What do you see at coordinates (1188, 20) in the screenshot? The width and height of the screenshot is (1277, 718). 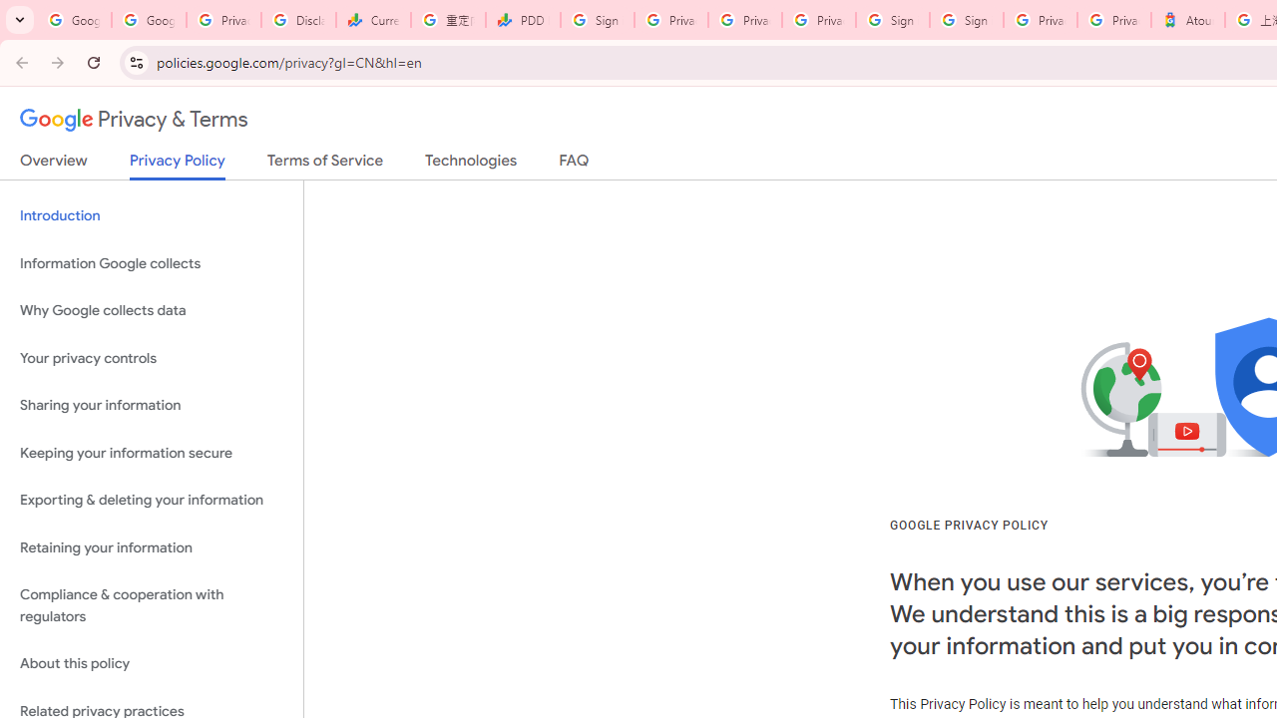 I see `'Atour Hotel - Google hotels'` at bounding box center [1188, 20].